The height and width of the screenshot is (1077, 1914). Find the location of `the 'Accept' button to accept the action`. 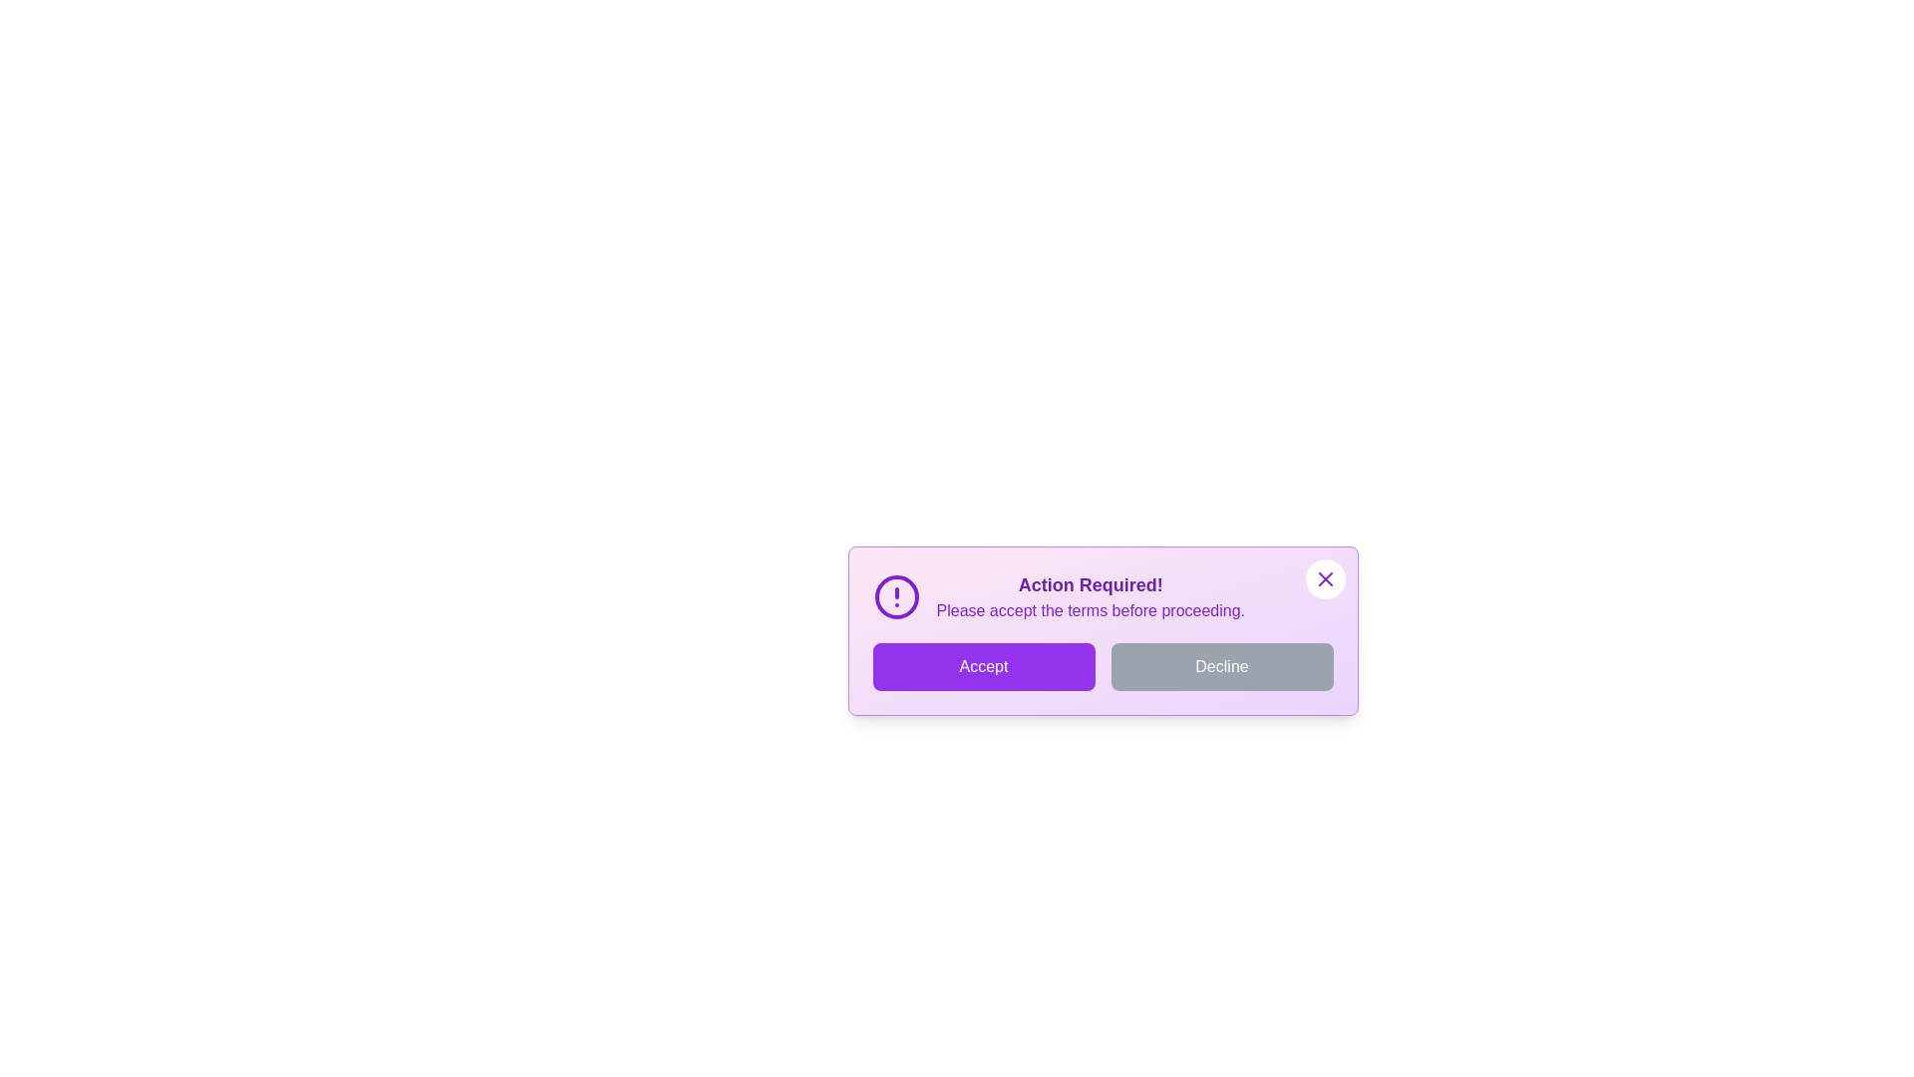

the 'Accept' button to accept the action is located at coordinates (984, 666).